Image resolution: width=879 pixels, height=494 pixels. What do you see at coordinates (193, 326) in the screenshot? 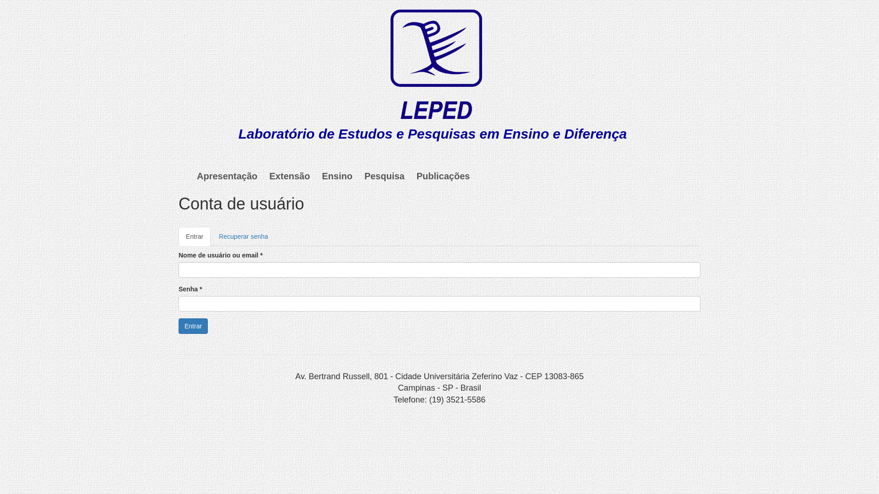
I see `'Entrar'` at bounding box center [193, 326].